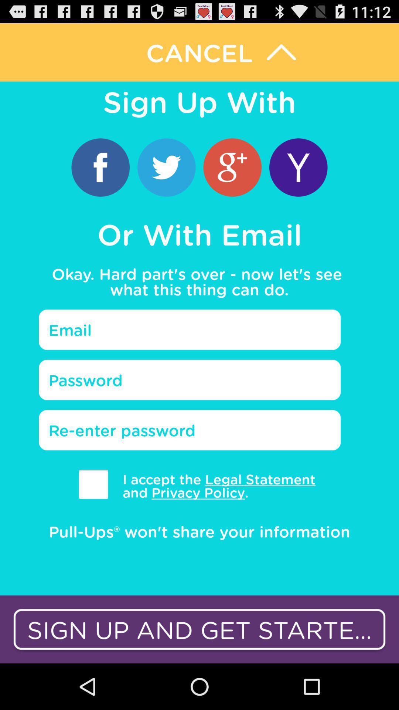  What do you see at coordinates (189, 430) in the screenshot?
I see `confirm password` at bounding box center [189, 430].